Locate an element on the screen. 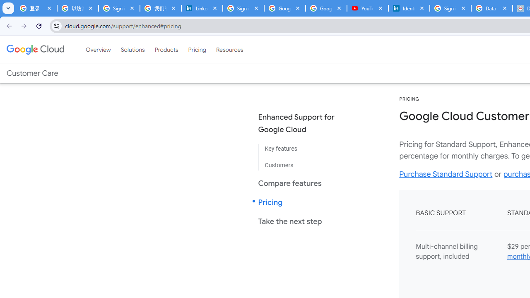 The image size is (530, 298). 'Google Cloud' is located at coordinates (35, 49).